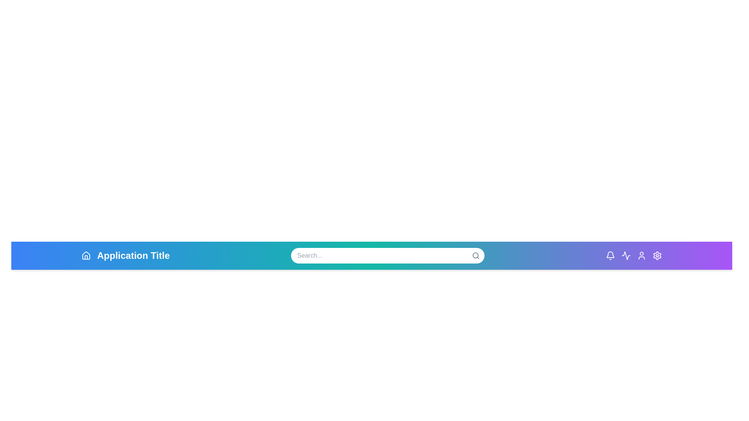 This screenshot has width=749, height=421. I want to click on the bell icon to view notifications, so click(610, 255).